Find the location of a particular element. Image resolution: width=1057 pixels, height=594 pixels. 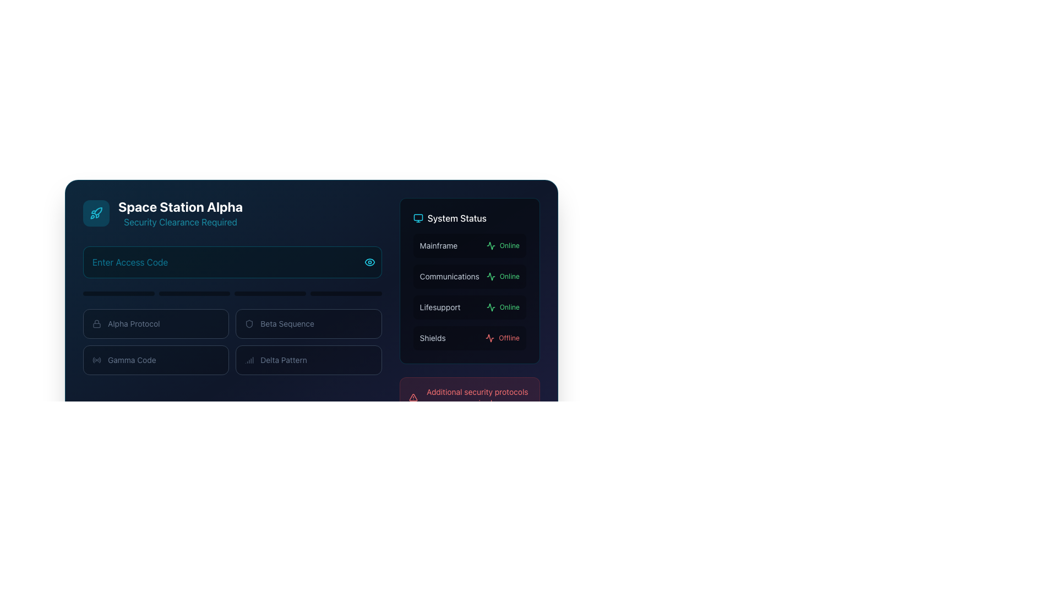

the 'Beta Sequence' button located in the selection grid under the 'Enter Access Code' section, positioned immediately to the right of 'Alpha Protocol' is located at coordinates (308, 323).